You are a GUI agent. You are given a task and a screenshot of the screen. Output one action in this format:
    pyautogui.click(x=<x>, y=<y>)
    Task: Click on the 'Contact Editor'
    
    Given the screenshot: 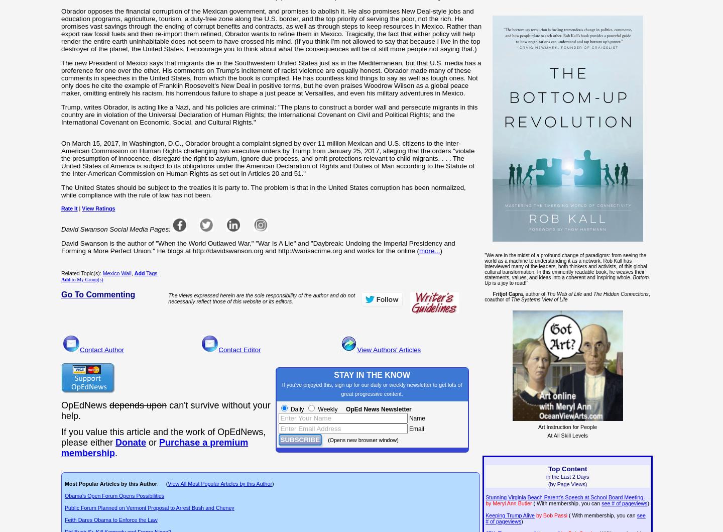 What is the action you would take?
    pyautogui.click(x=218, y=349)
    